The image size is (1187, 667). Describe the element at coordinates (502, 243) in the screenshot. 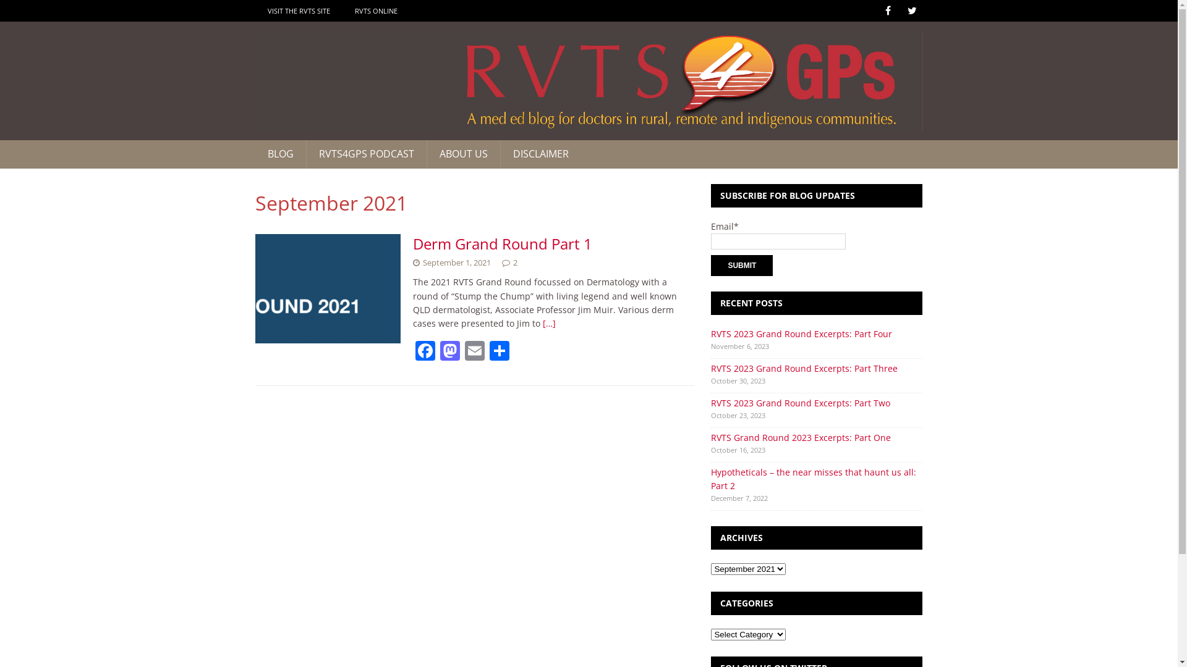

I see `'Derm Grand Round Part 1'` at that location.